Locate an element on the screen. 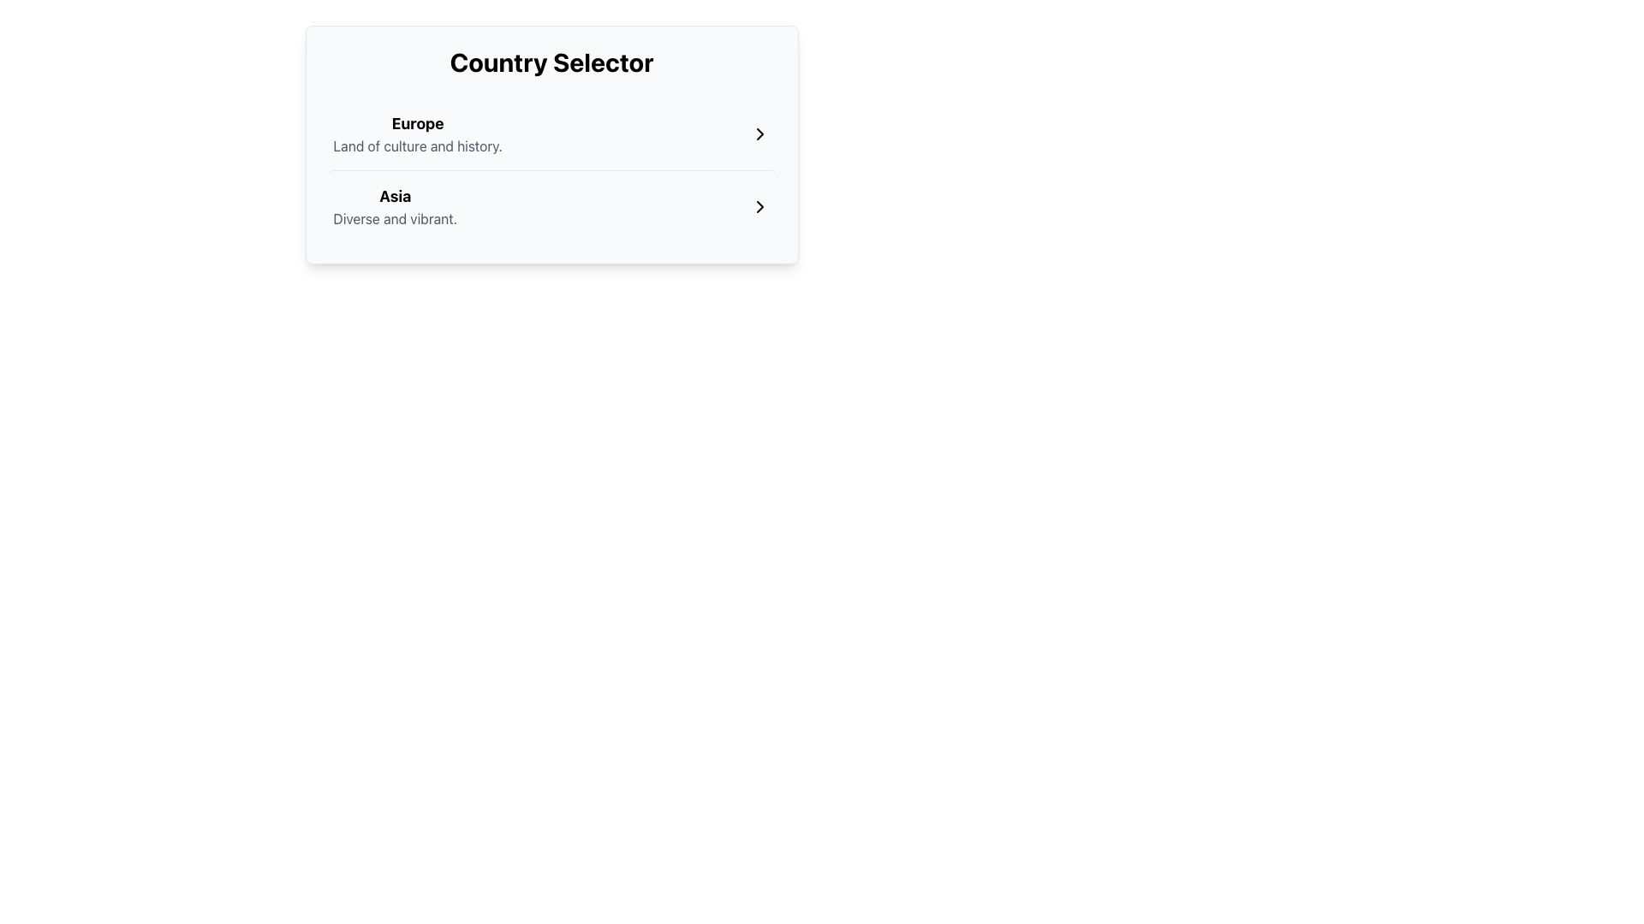 This screenshot has width=1644, height=924. the text label reading 'Diverse and vibrant.' which is styled in gray and positioned below 'Asia' in the 'Country Selector' section is located at coordinates (394, 217).